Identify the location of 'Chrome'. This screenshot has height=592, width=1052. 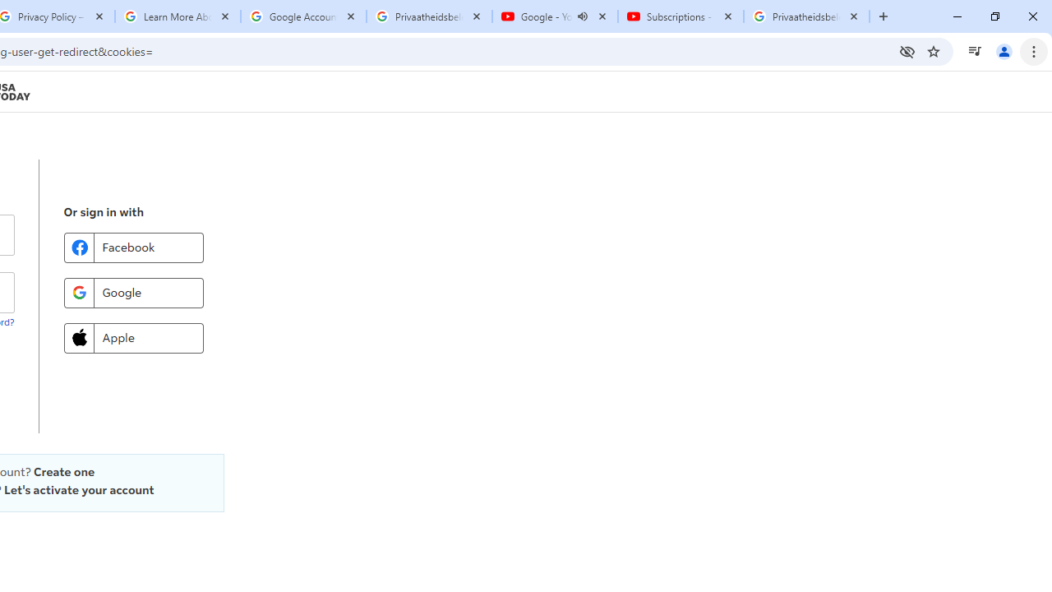
(1035, 50).